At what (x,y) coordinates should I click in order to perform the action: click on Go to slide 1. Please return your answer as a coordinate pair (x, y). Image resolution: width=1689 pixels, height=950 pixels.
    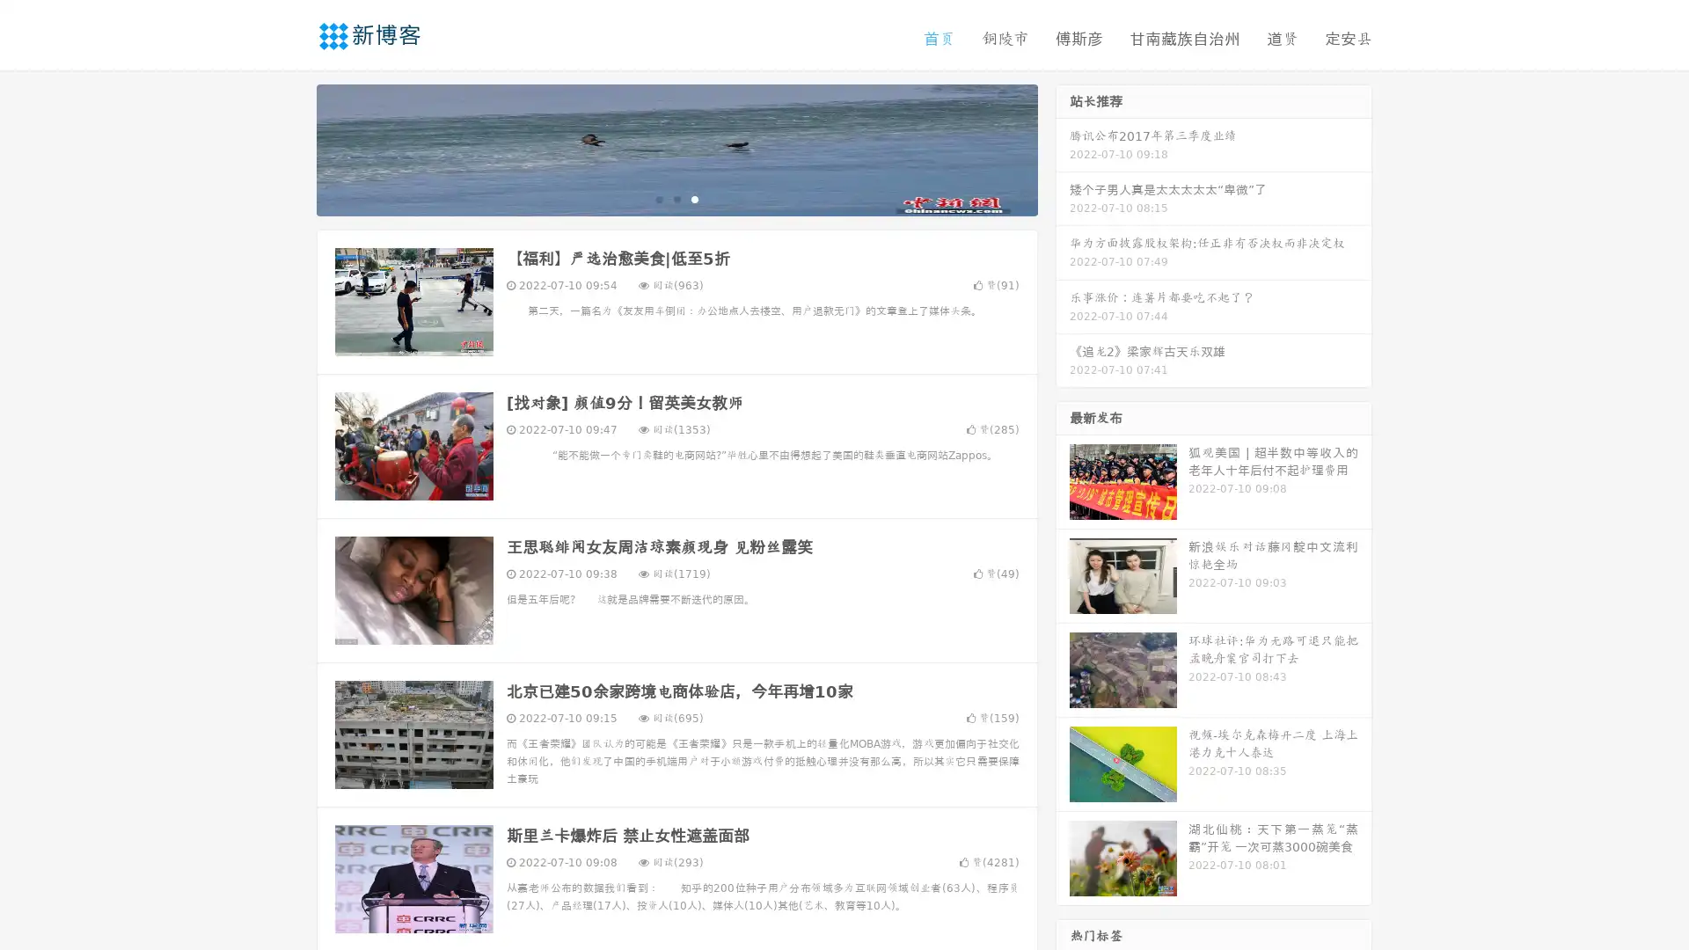
    Looking at the image, I should click on (658, 198).